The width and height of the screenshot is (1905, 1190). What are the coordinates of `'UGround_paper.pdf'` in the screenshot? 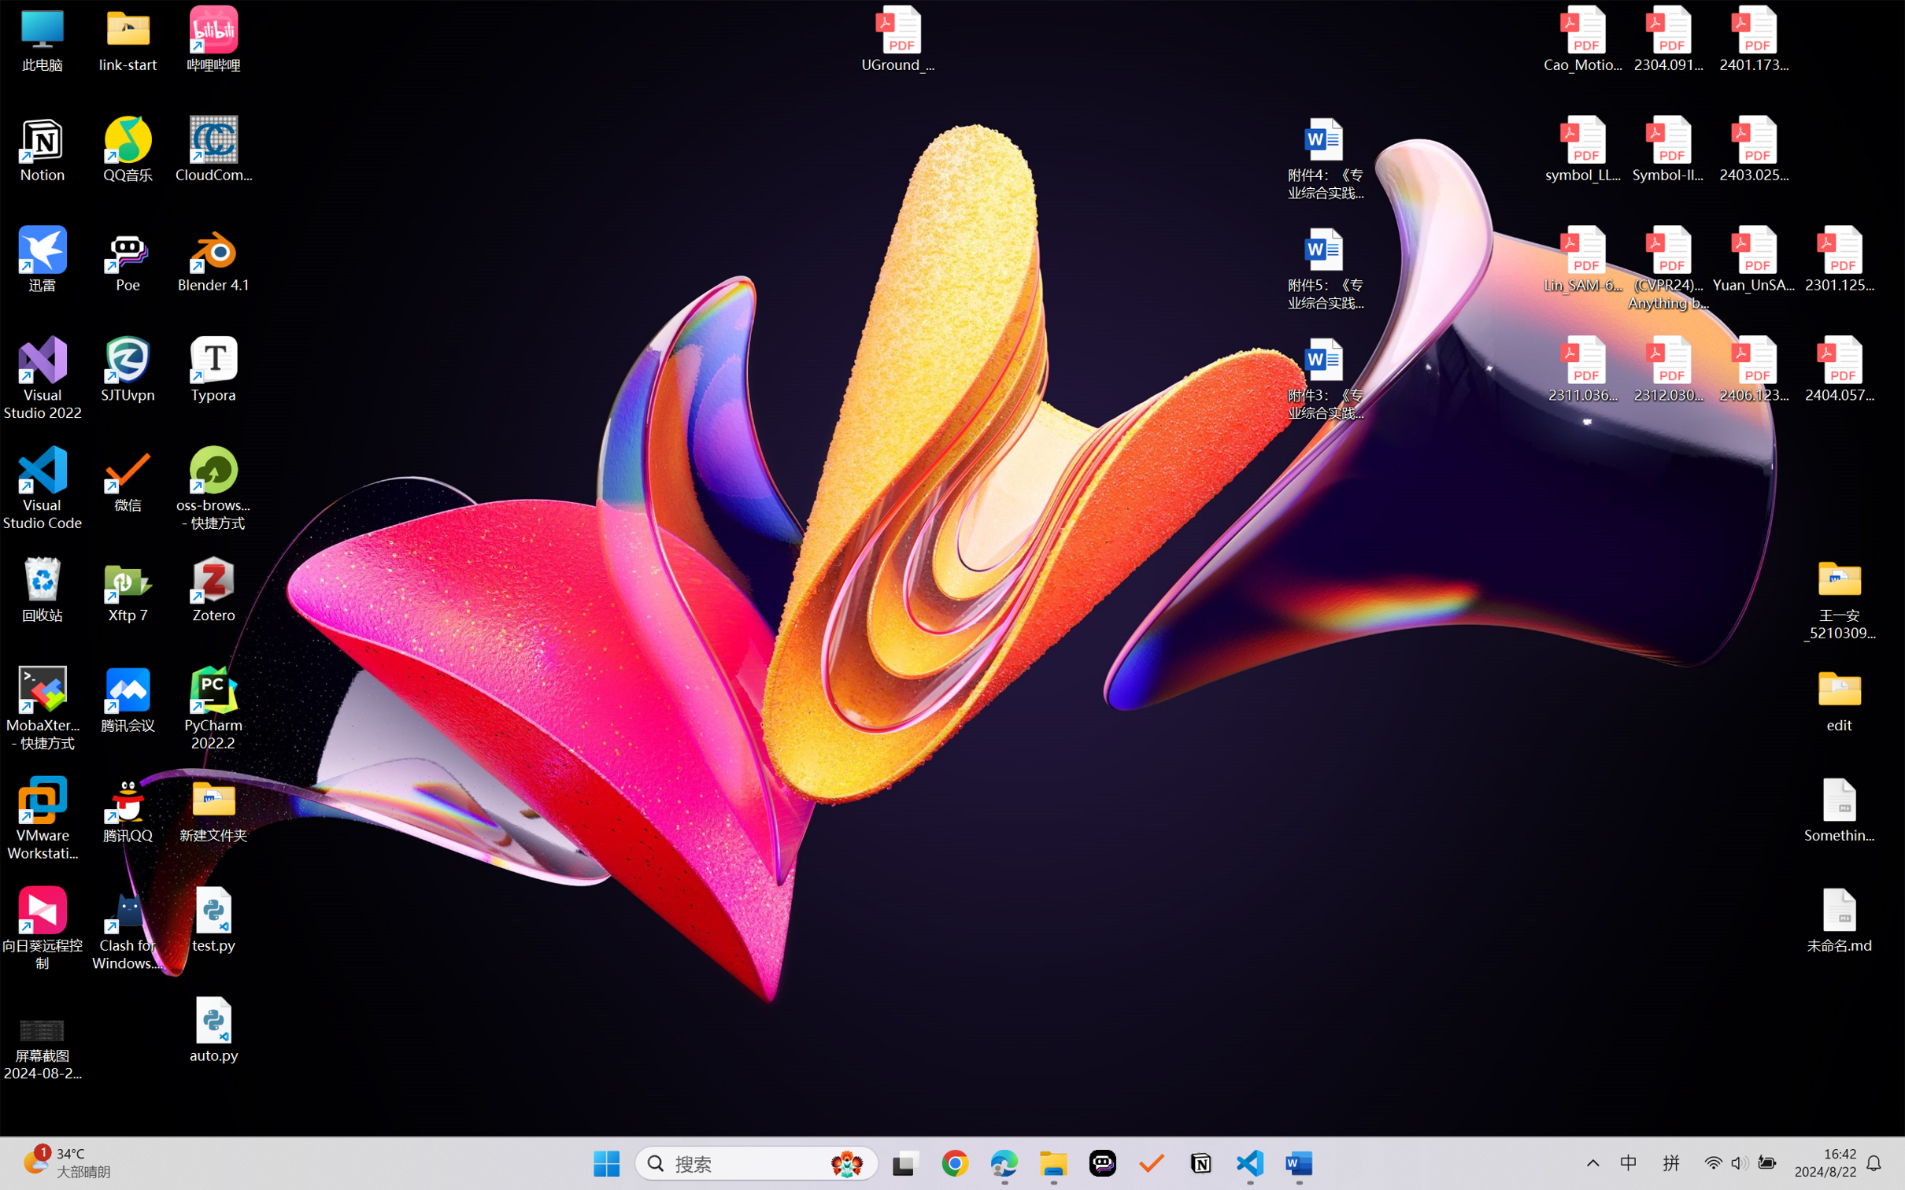 It's located at (898, 39).